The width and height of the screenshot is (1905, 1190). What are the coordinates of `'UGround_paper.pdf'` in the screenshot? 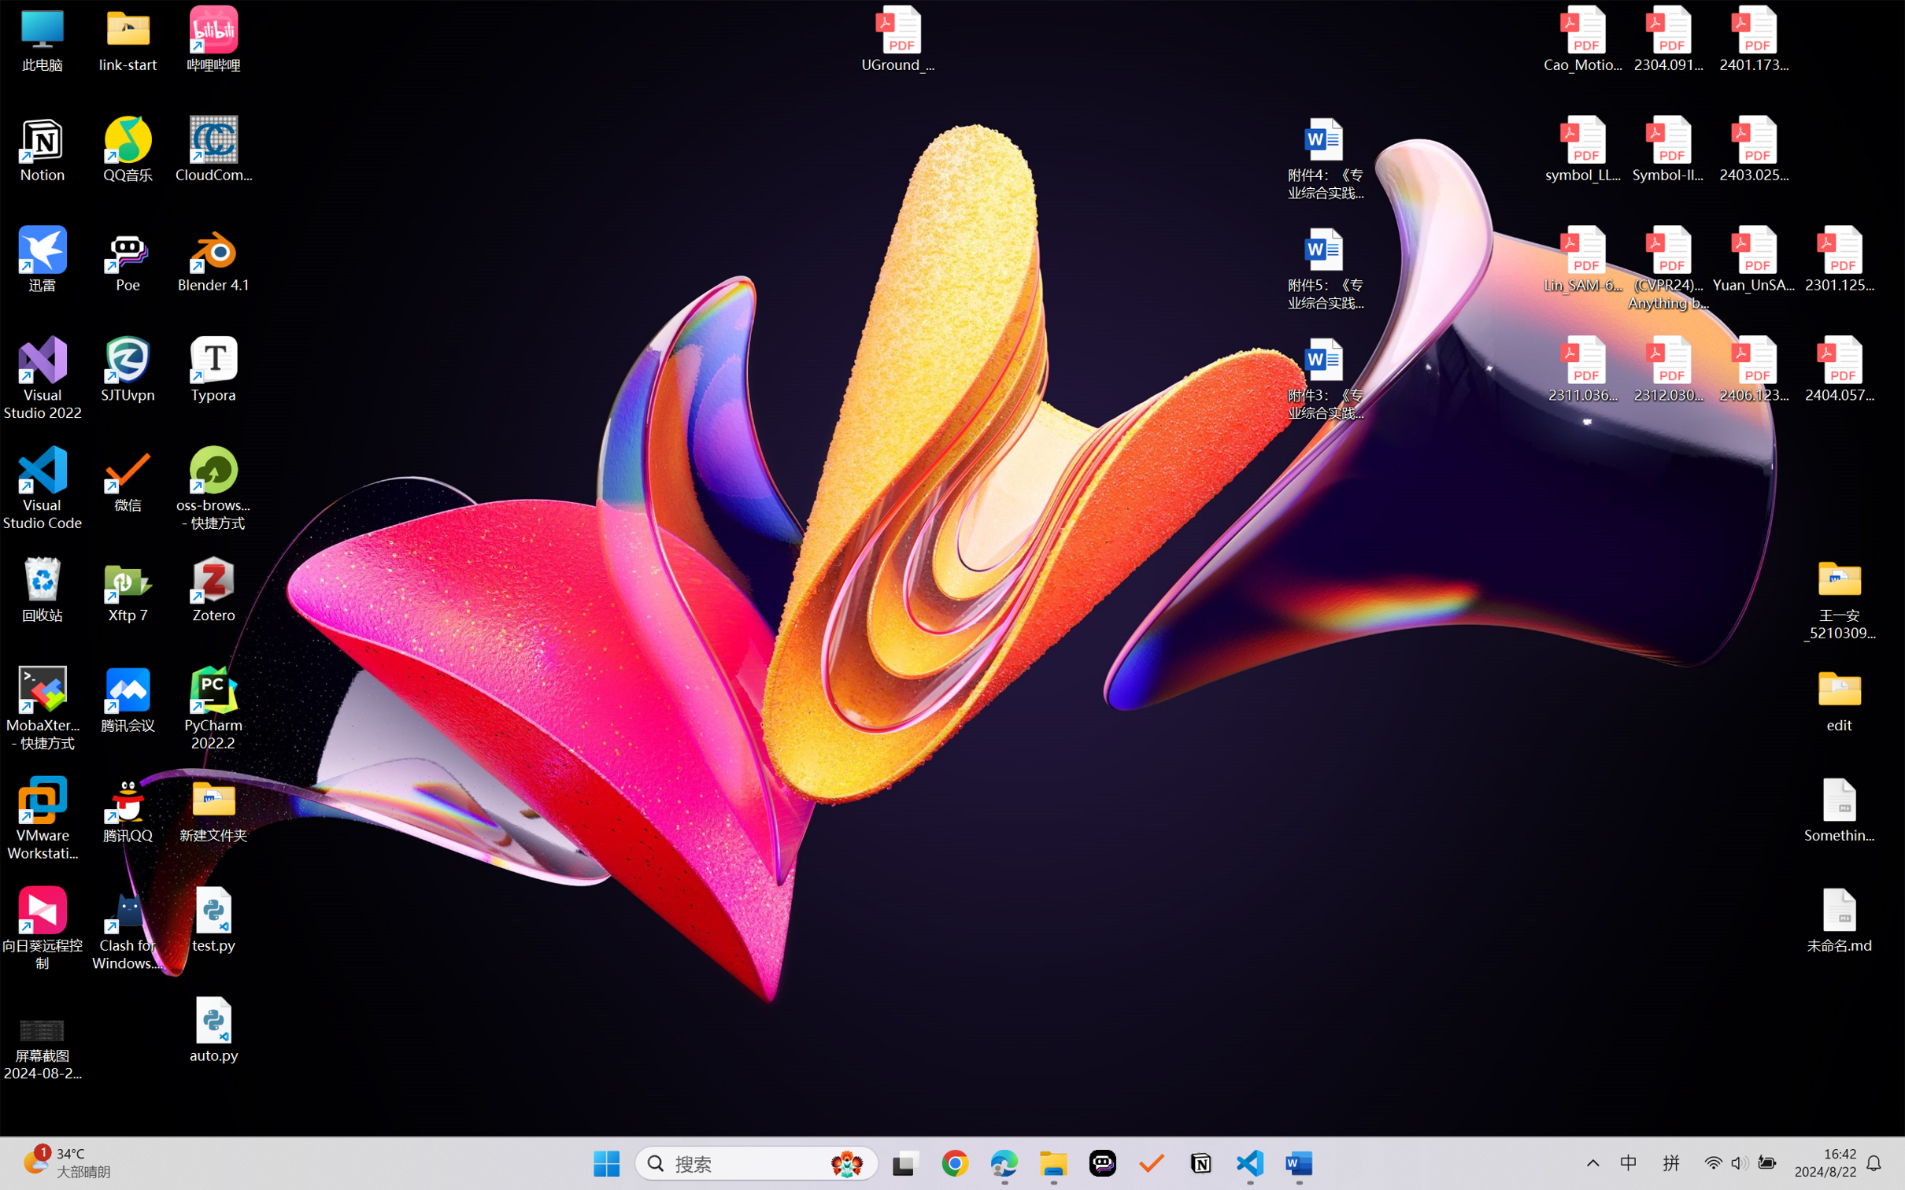 It's located at (898, 39).